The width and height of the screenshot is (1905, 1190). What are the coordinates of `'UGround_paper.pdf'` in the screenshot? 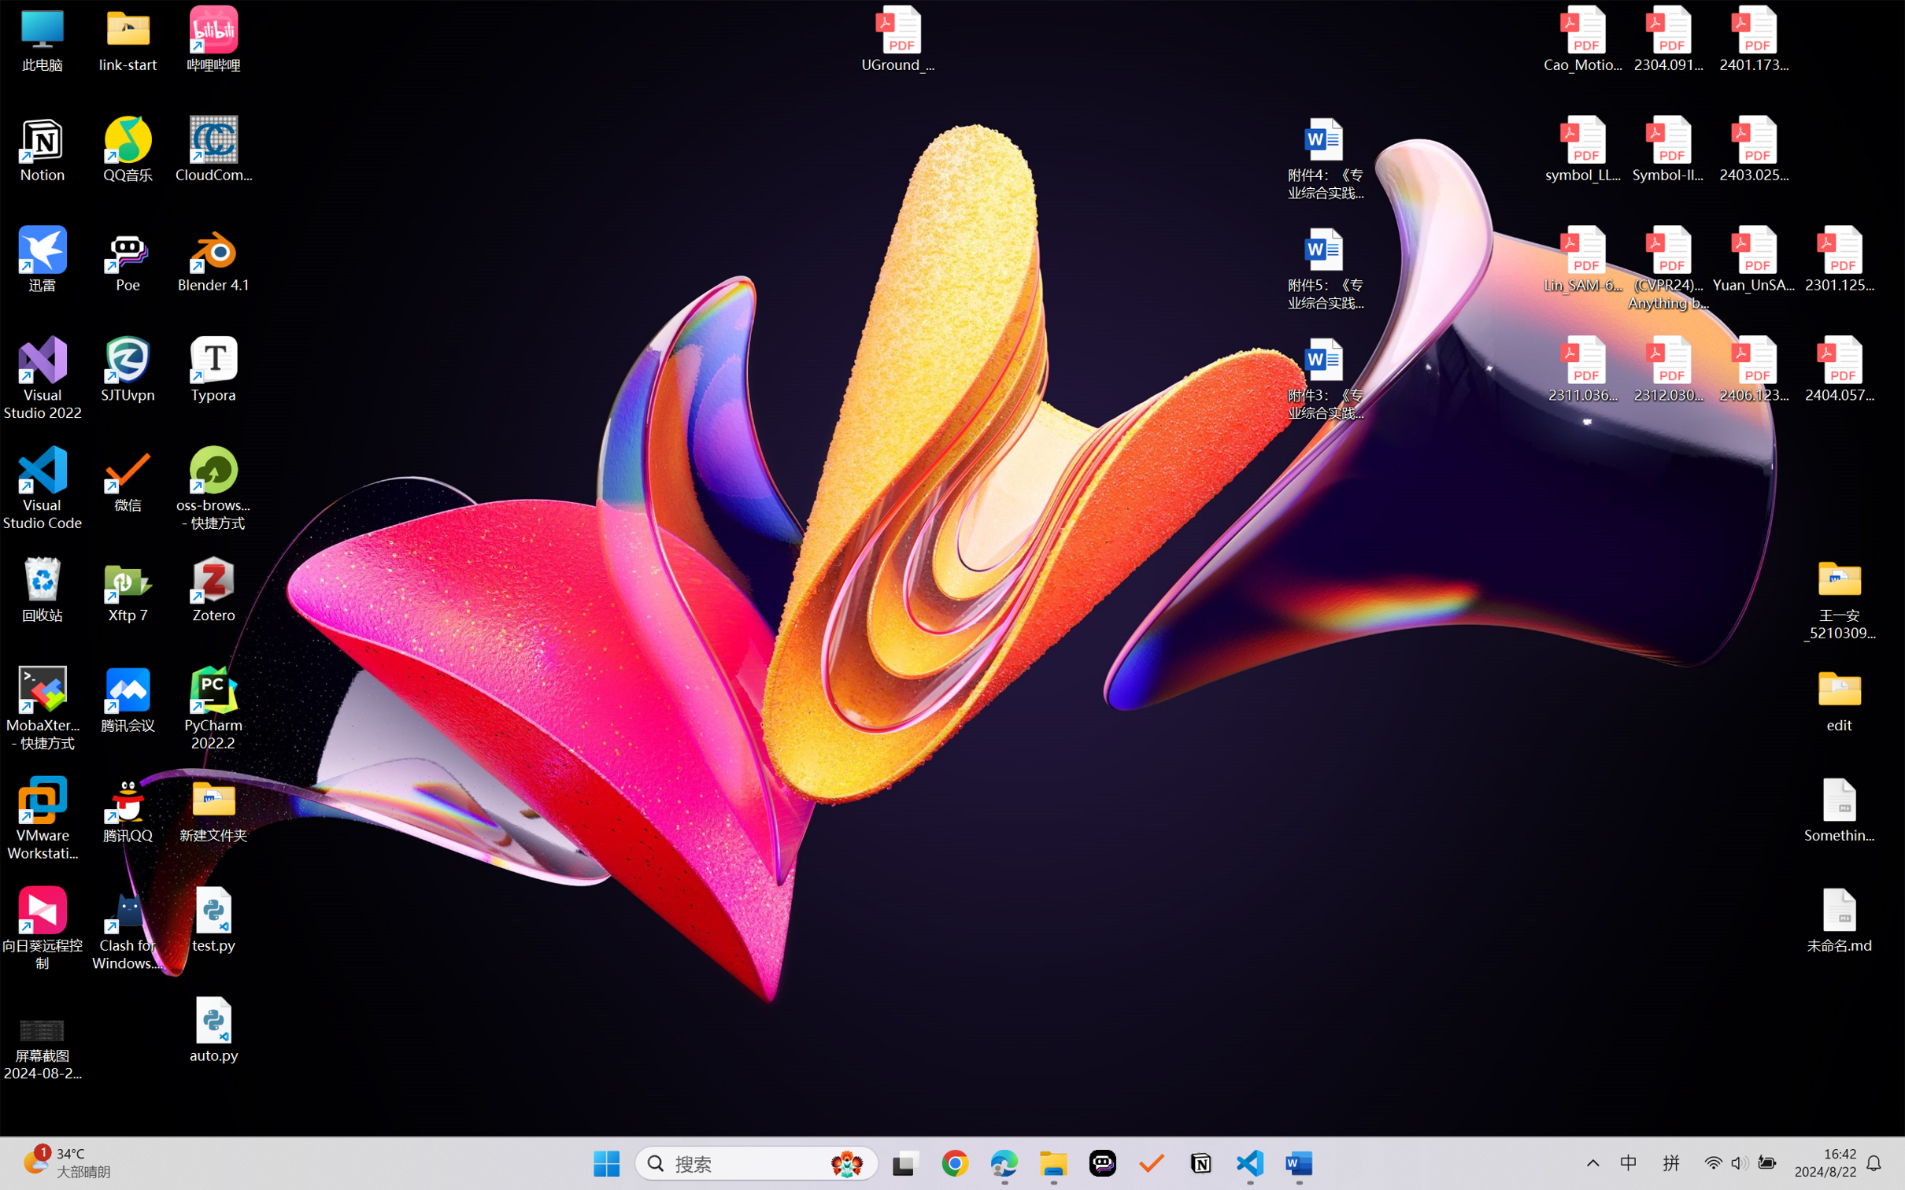 It's located at (898, 39).